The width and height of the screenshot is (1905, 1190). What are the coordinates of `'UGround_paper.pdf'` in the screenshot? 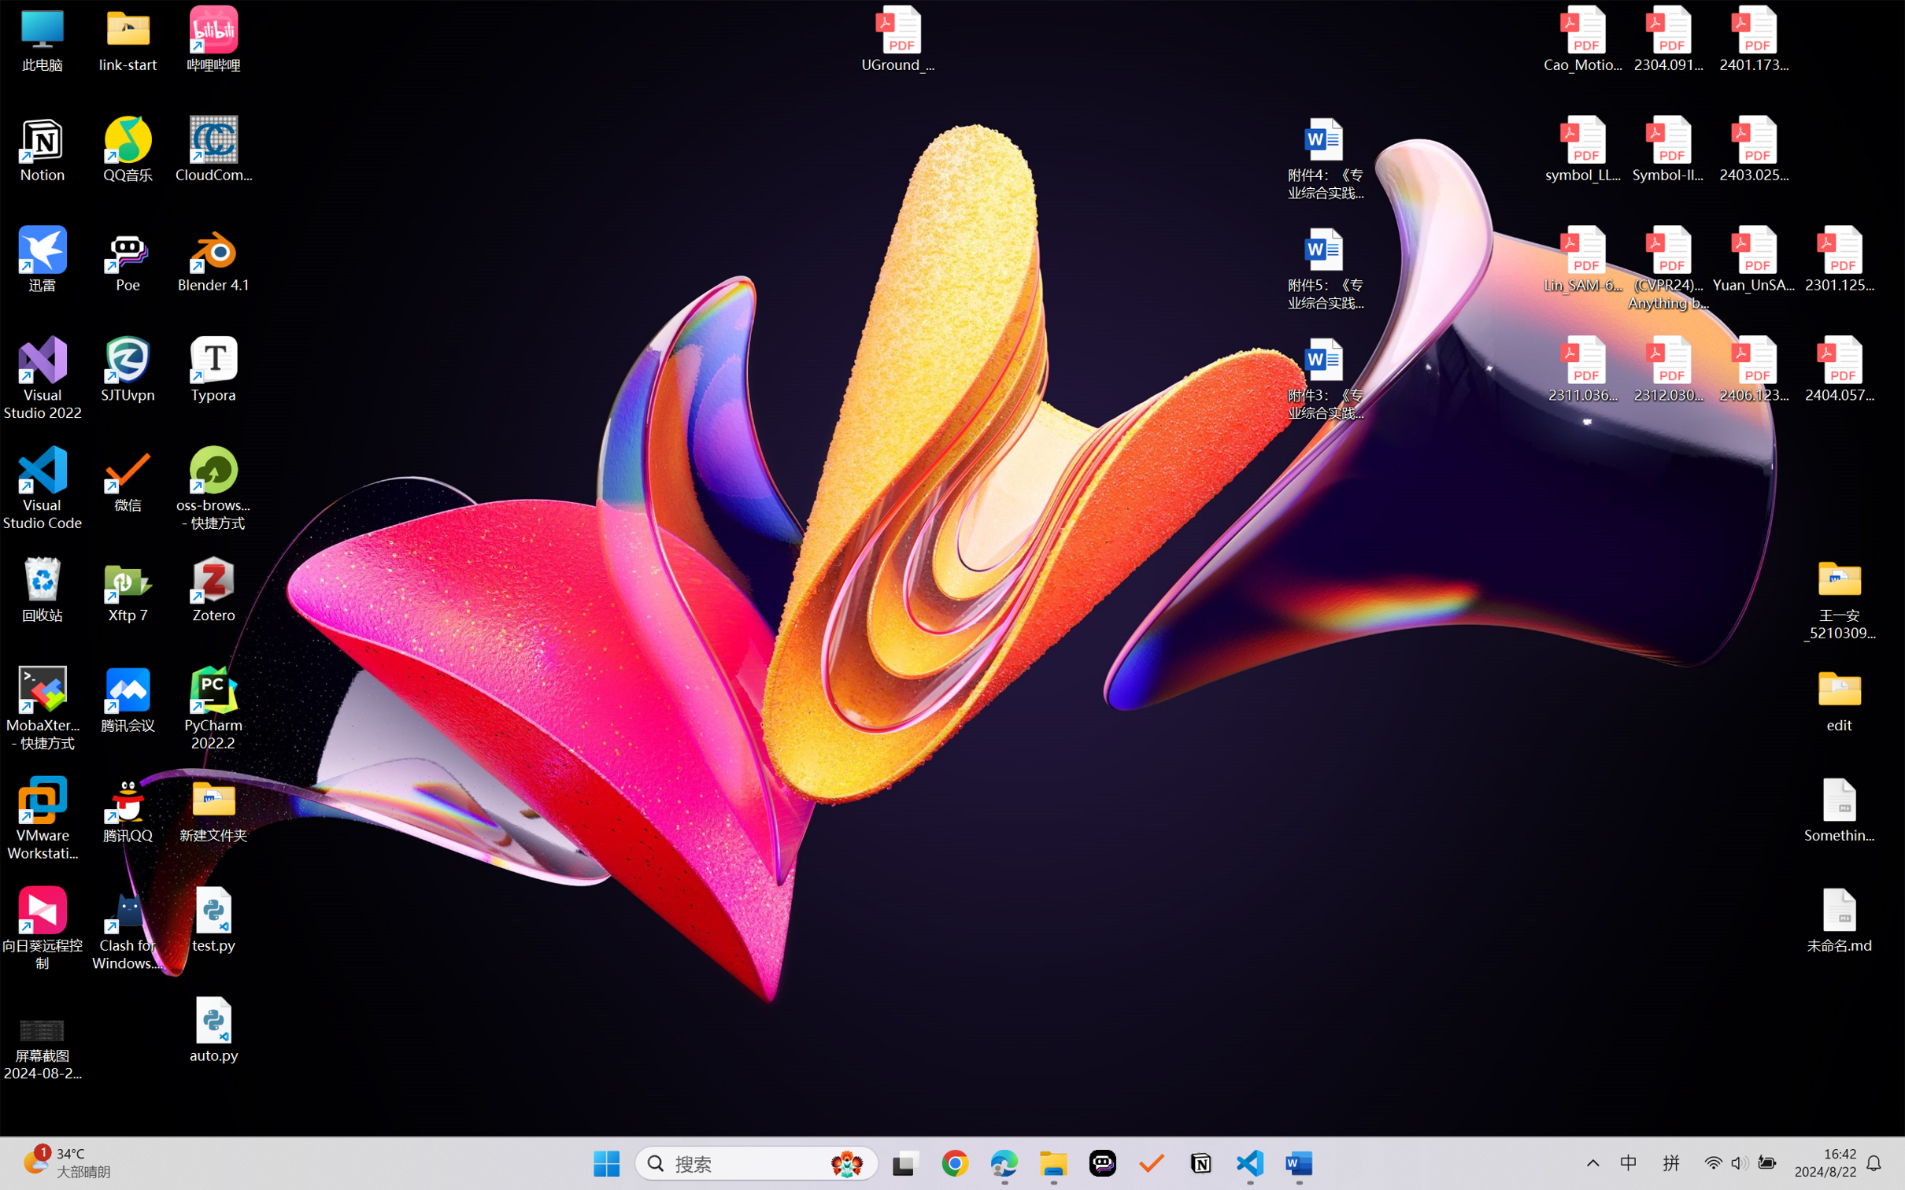 It's located at (898, 39).